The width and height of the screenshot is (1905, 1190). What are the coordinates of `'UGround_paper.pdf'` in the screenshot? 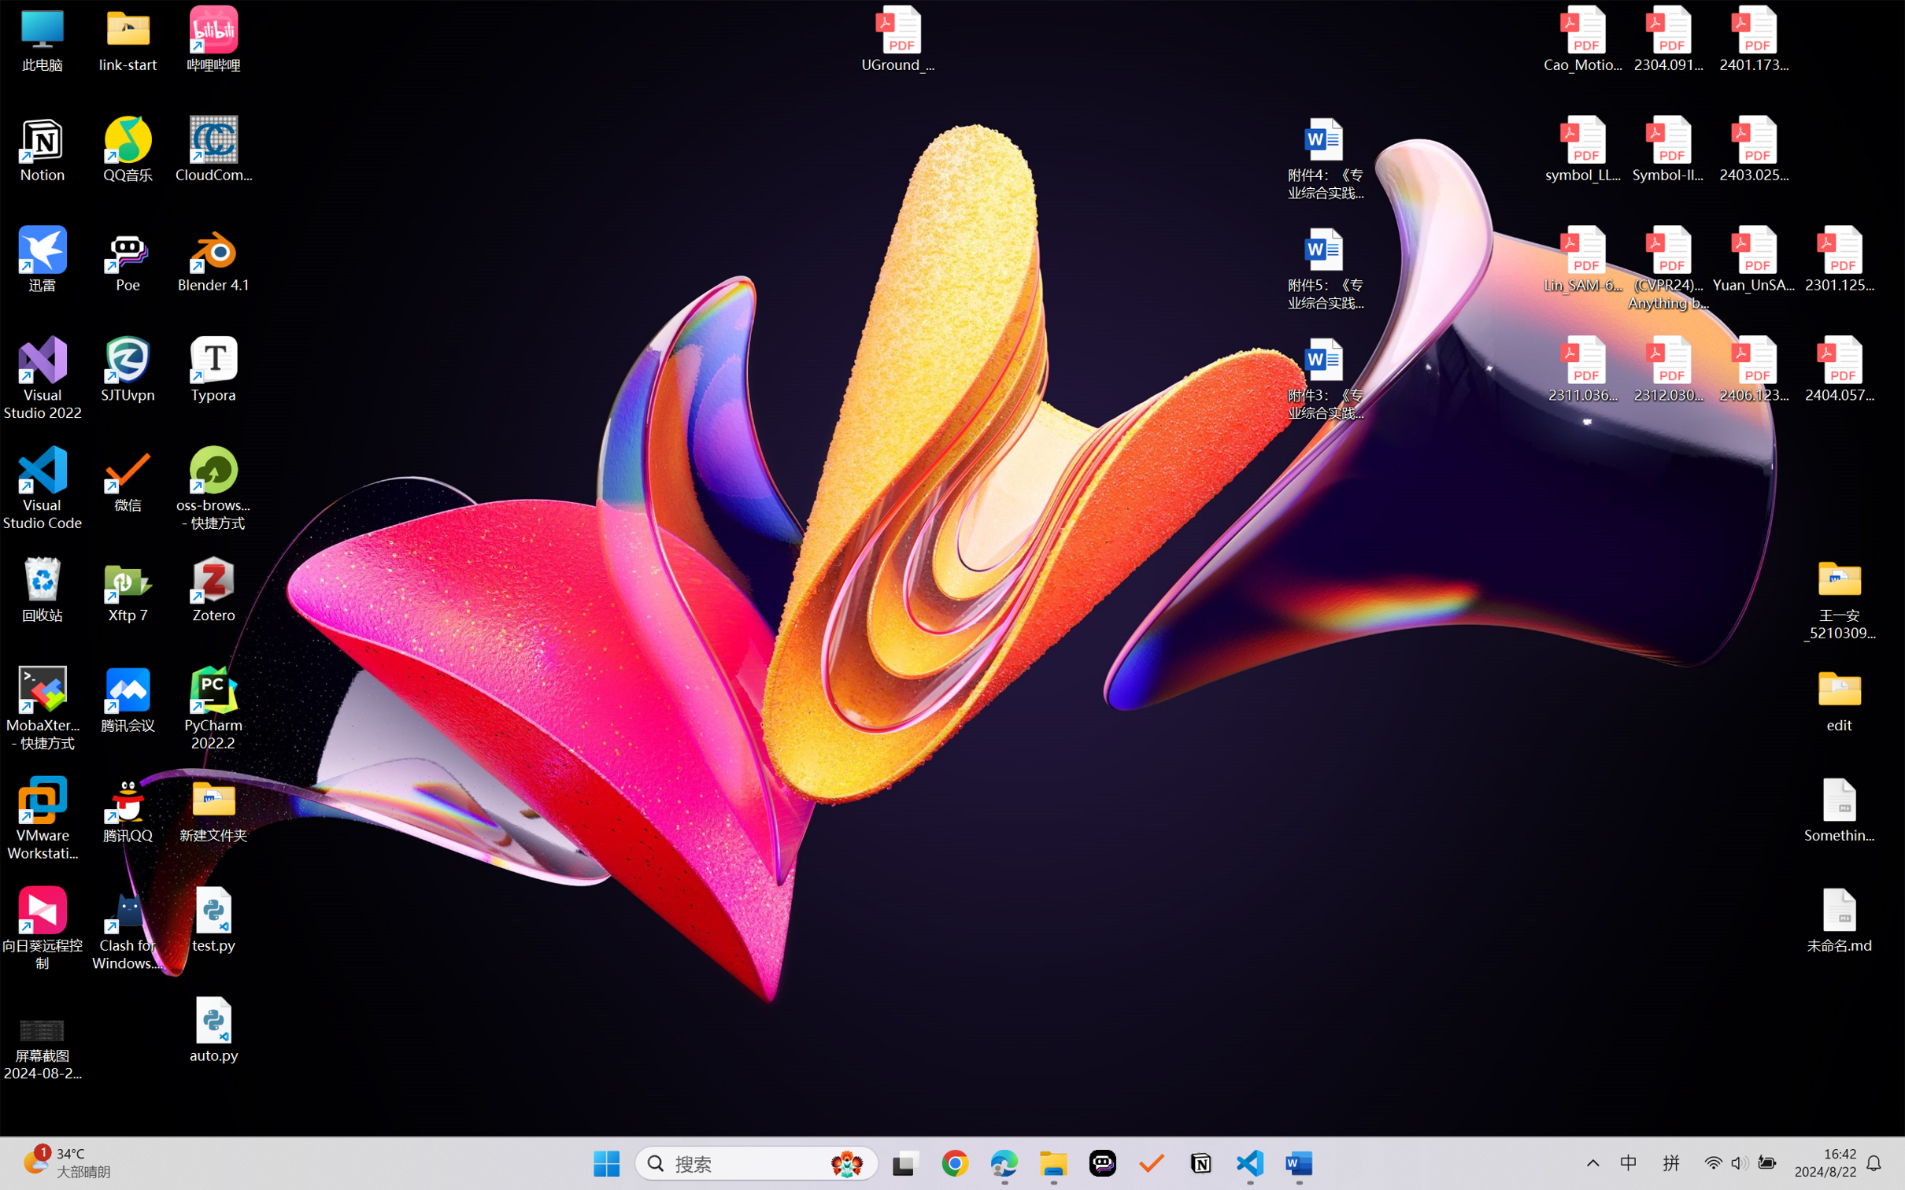 It's located at (898, 39).